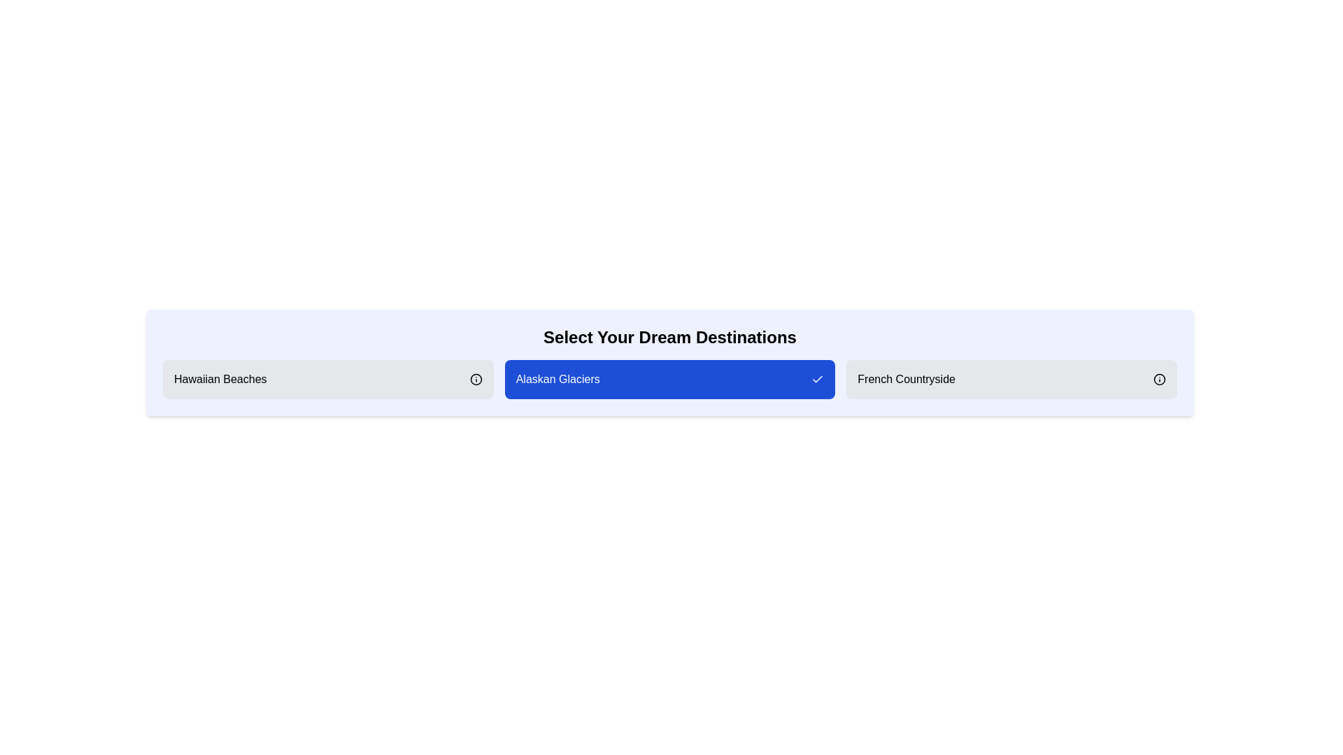 This screenshot has height=755, width=1343. Describe the element at coordinates (669, 419) in the screenshot. I see `the background of the component` at that location.